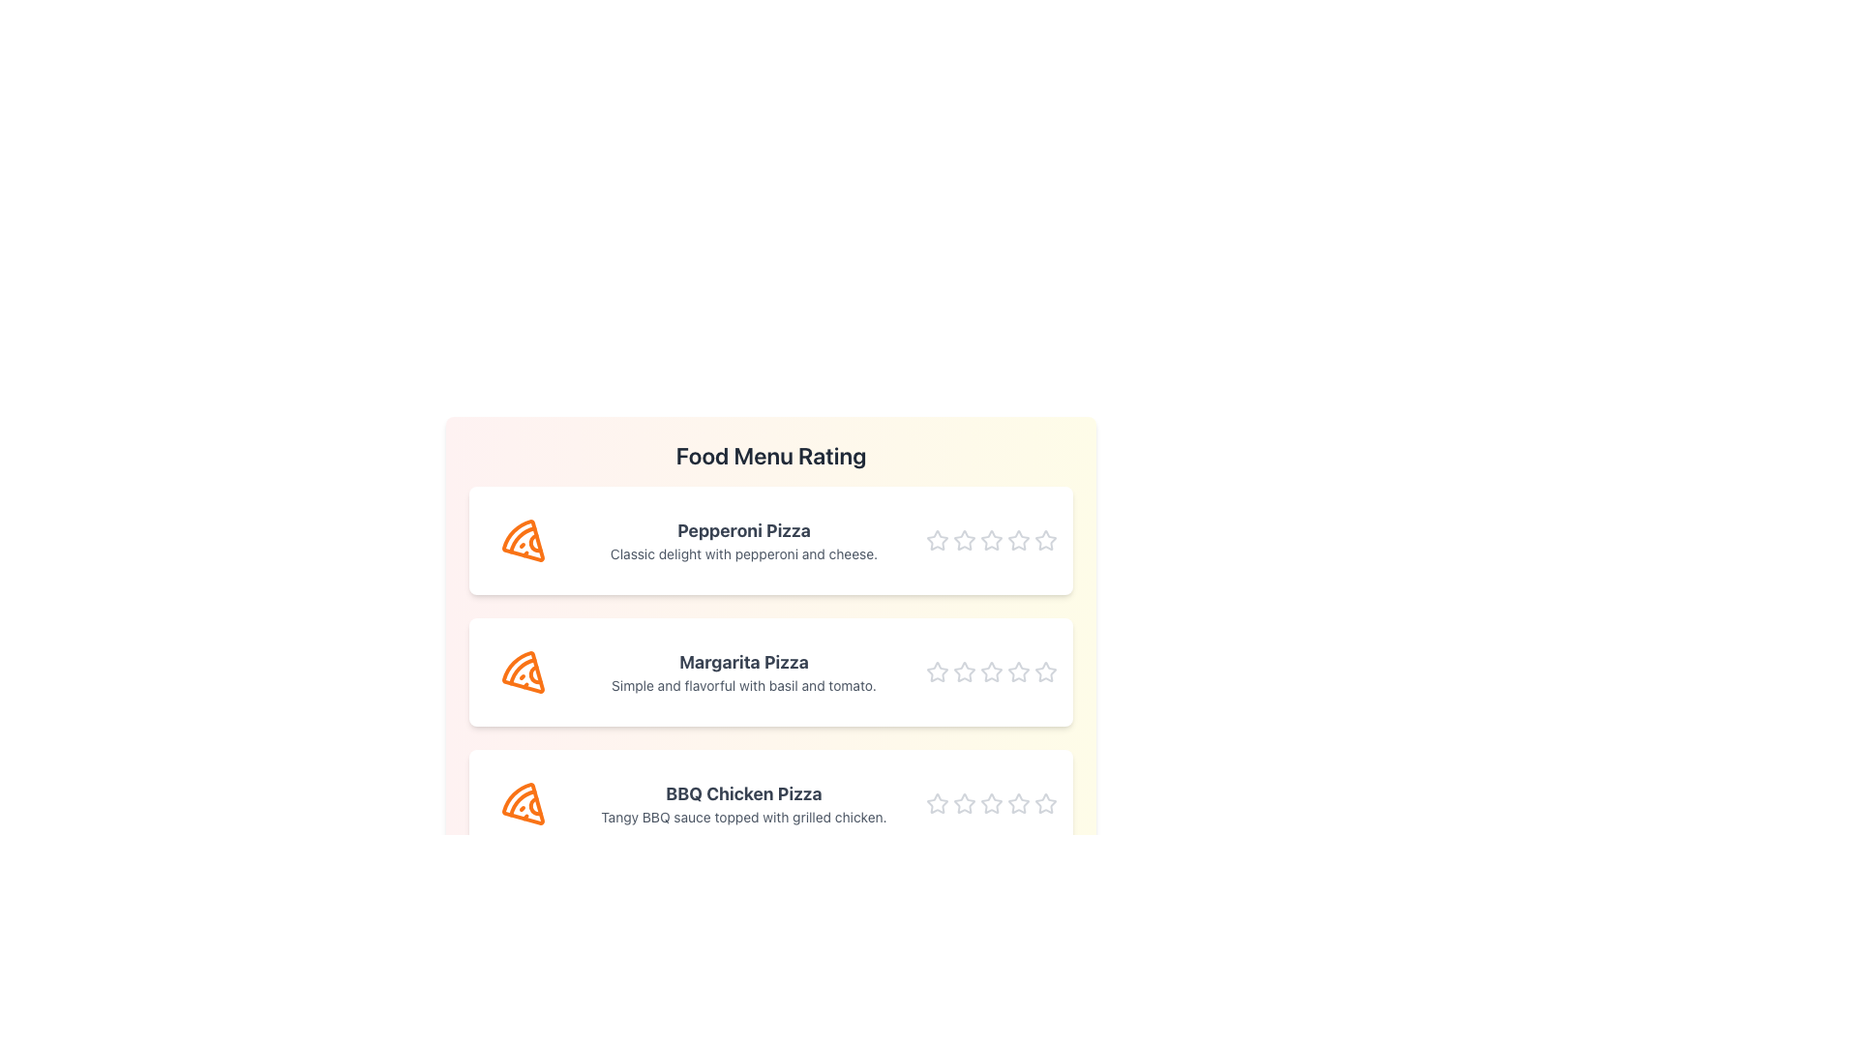  Describe the element at coordinates (938, 540) in the screenshot. I see `the first rating star icon located to the right of the 'Pepperoni Pizza' food item heading to rate it` at that location.